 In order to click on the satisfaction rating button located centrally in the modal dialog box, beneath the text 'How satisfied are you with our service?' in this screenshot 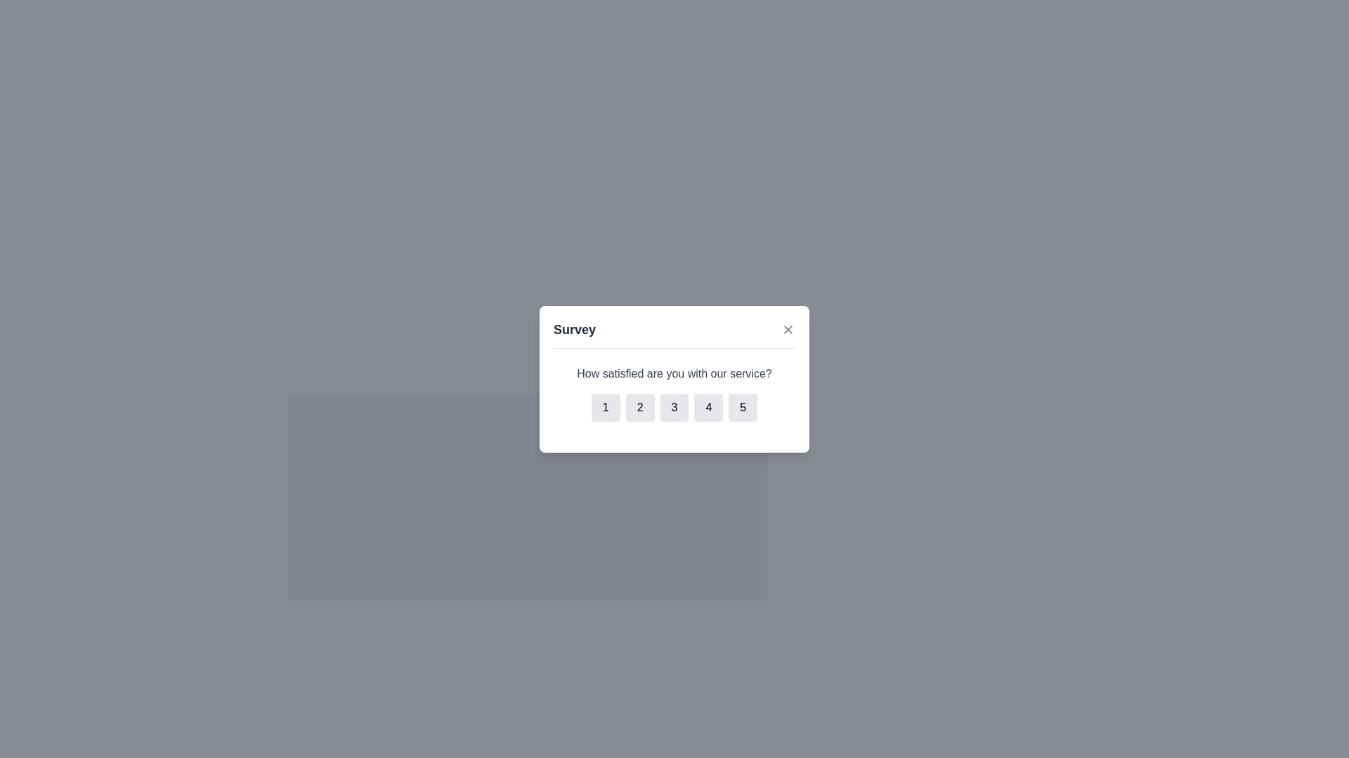, I will do `click(674, 407)`.